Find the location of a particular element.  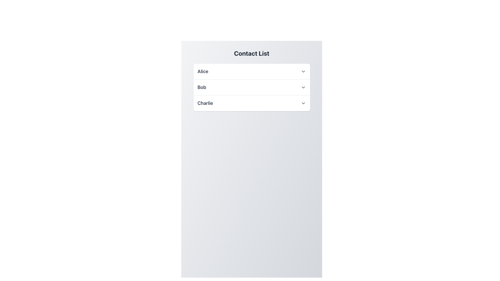

the button for 'Alice' in the contact list is located at coordinates (252, 71).